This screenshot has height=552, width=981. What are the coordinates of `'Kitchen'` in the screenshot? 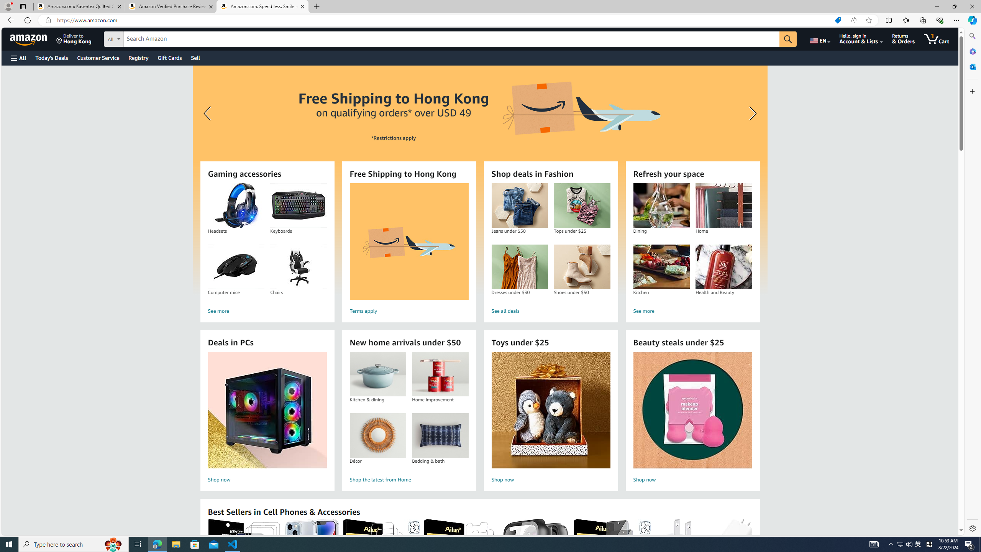 It's located at (661, 267).